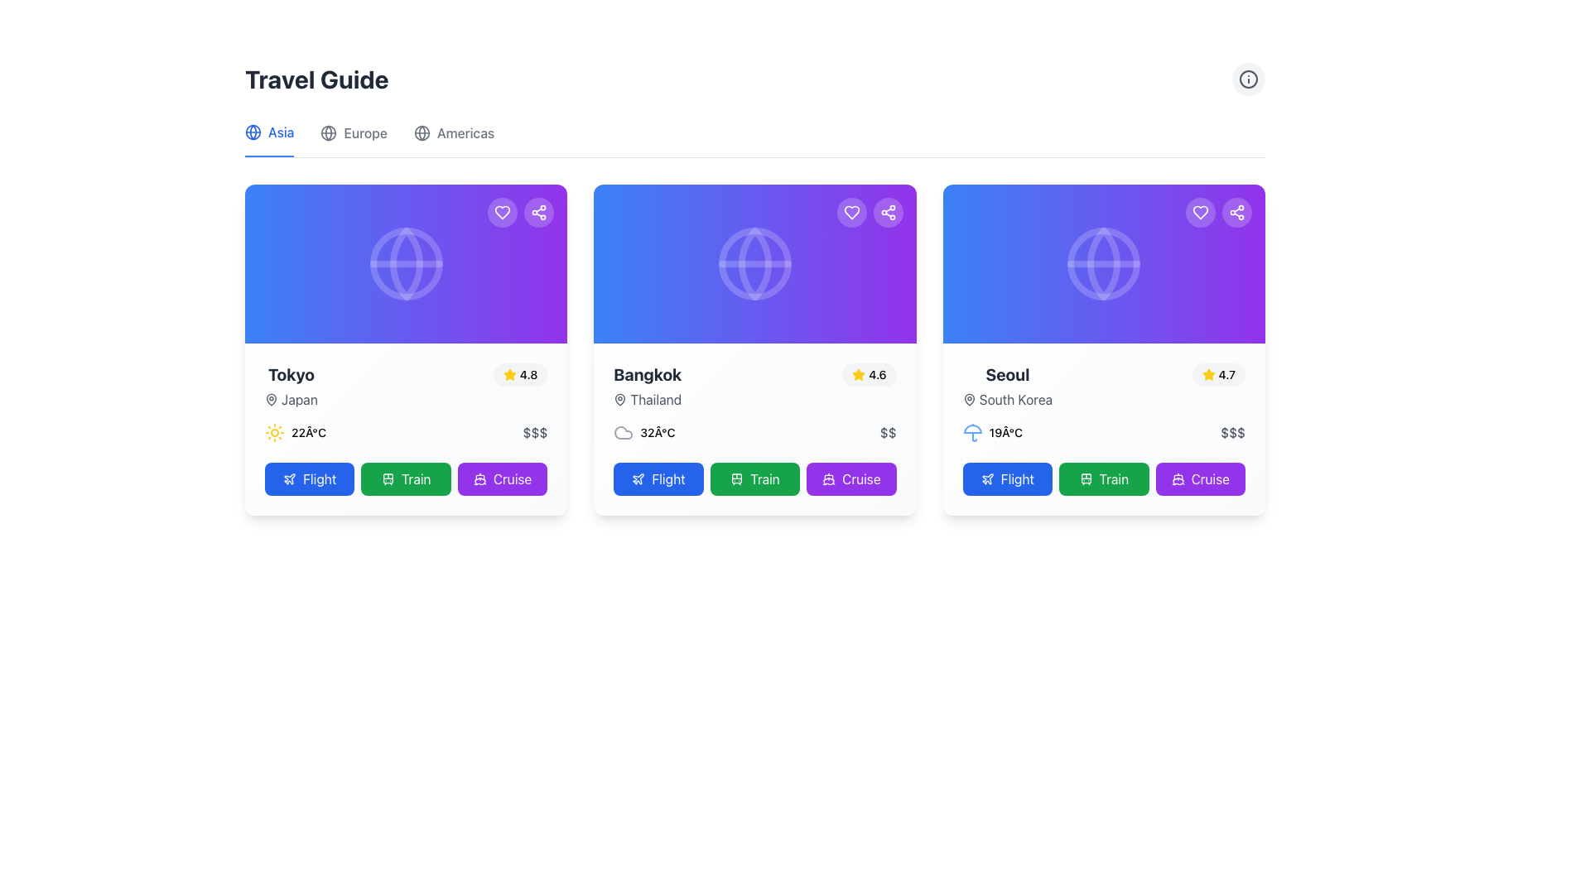 The image size is (1590, 894). I want to click on the yellow star-shaped icon used for rating located to the left of the text '4.6' in the upper-right portion of the card for Bangkok, so click(859, 374).